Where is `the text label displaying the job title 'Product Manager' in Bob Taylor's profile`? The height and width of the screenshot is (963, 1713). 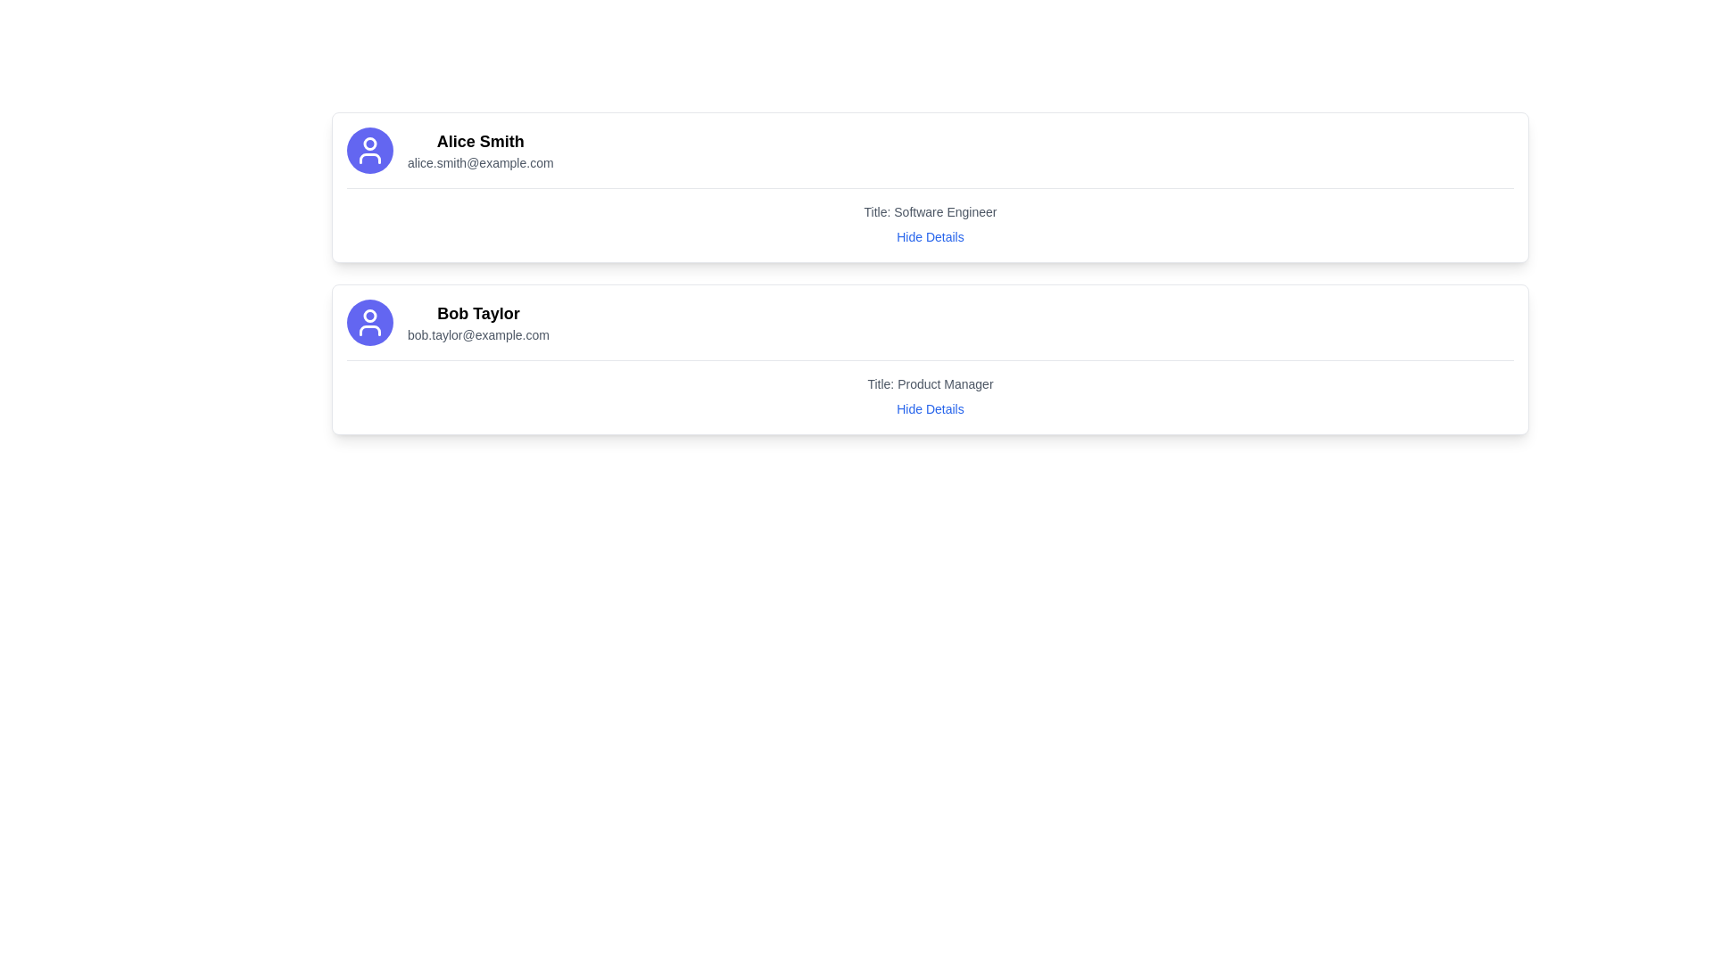 the text label displaying the job title 'Product Manager' in Bob Taylor's profile is located at coordinates (929, 383).